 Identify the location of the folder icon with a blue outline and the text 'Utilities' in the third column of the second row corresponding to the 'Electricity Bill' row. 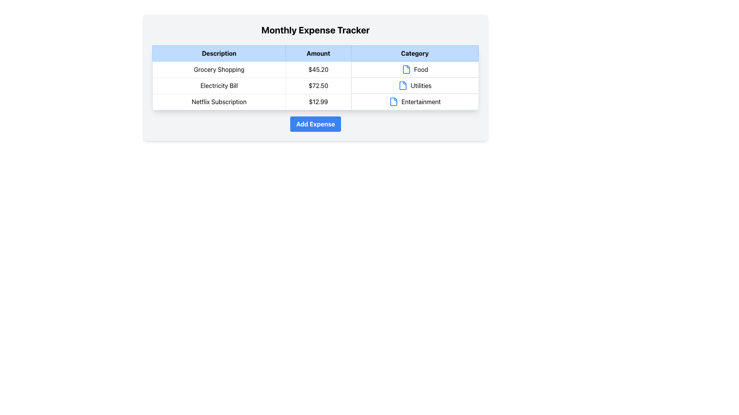
(415, 86).